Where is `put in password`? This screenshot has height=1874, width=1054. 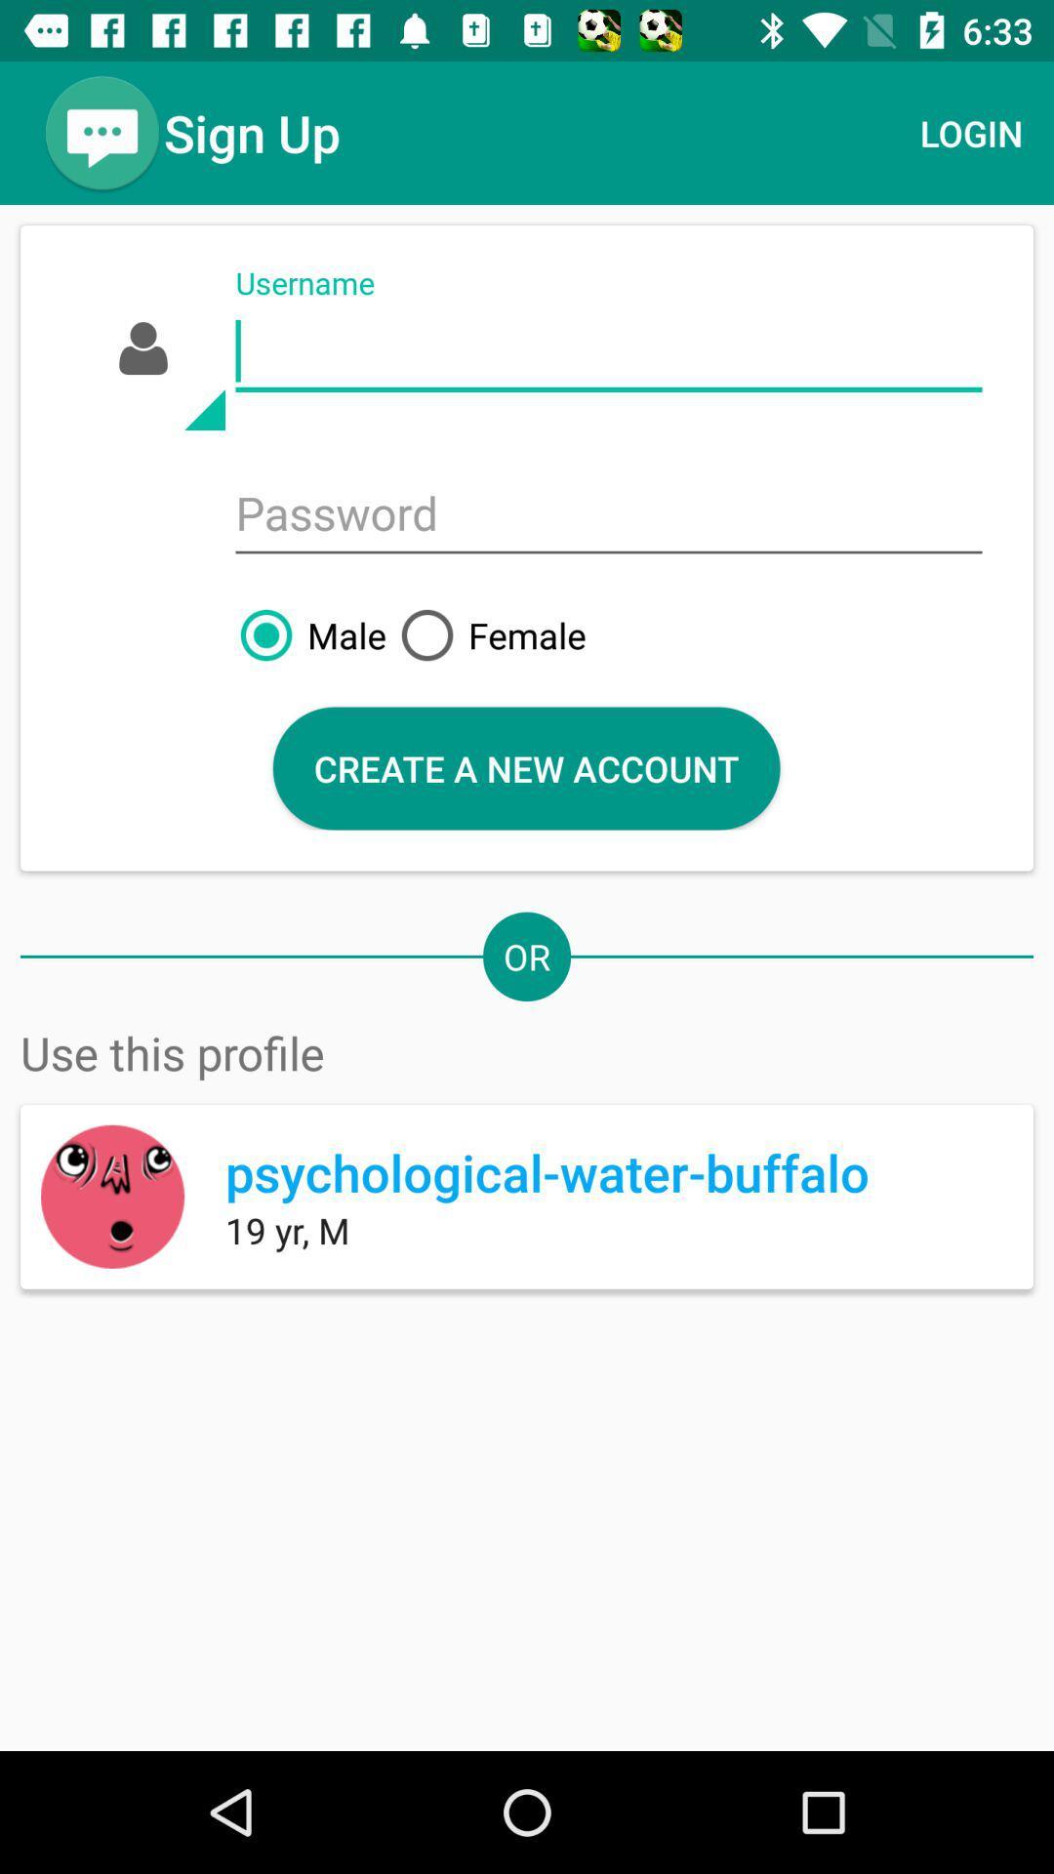
put in password is located at coordinates (608, 515).